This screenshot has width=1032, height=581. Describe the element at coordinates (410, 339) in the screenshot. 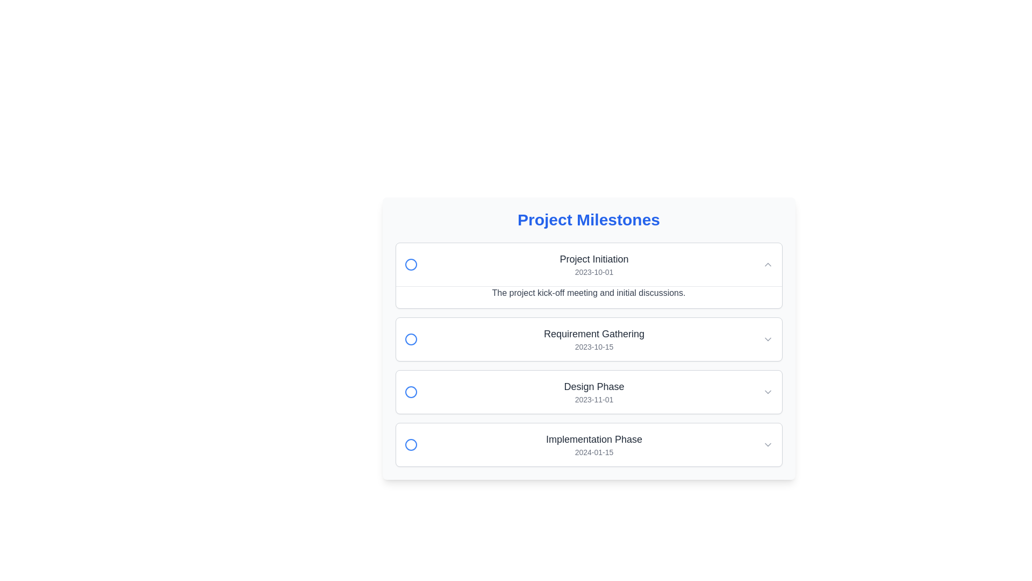

I see `the circle representing the incomplete status of the 'Requirement Gathering' milestone` at that location.